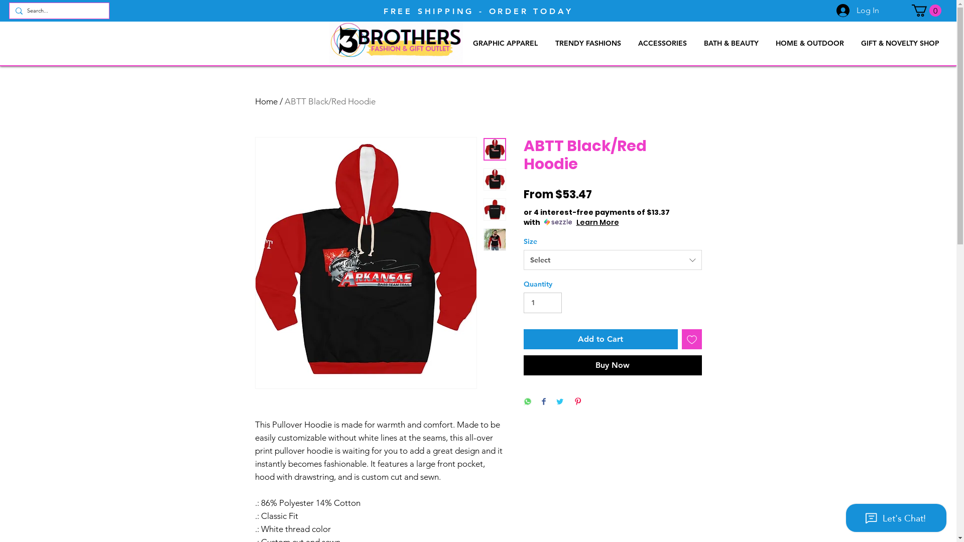 This screenshot has height=542, width=964. What do you see at coordinates (900, 42) in the screenshot?
I see `'GIFT & NOVELTY SHOP'` at bounding box center [900, 42].